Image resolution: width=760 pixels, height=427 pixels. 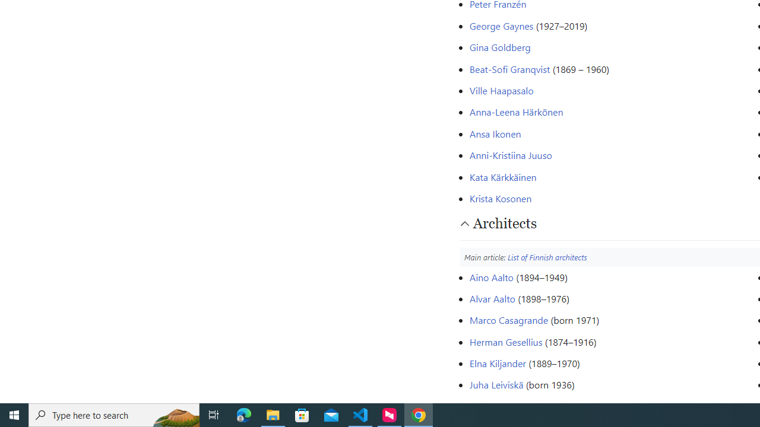 I want to click on 'List of Finnish architects', so click(x=547, y=256).